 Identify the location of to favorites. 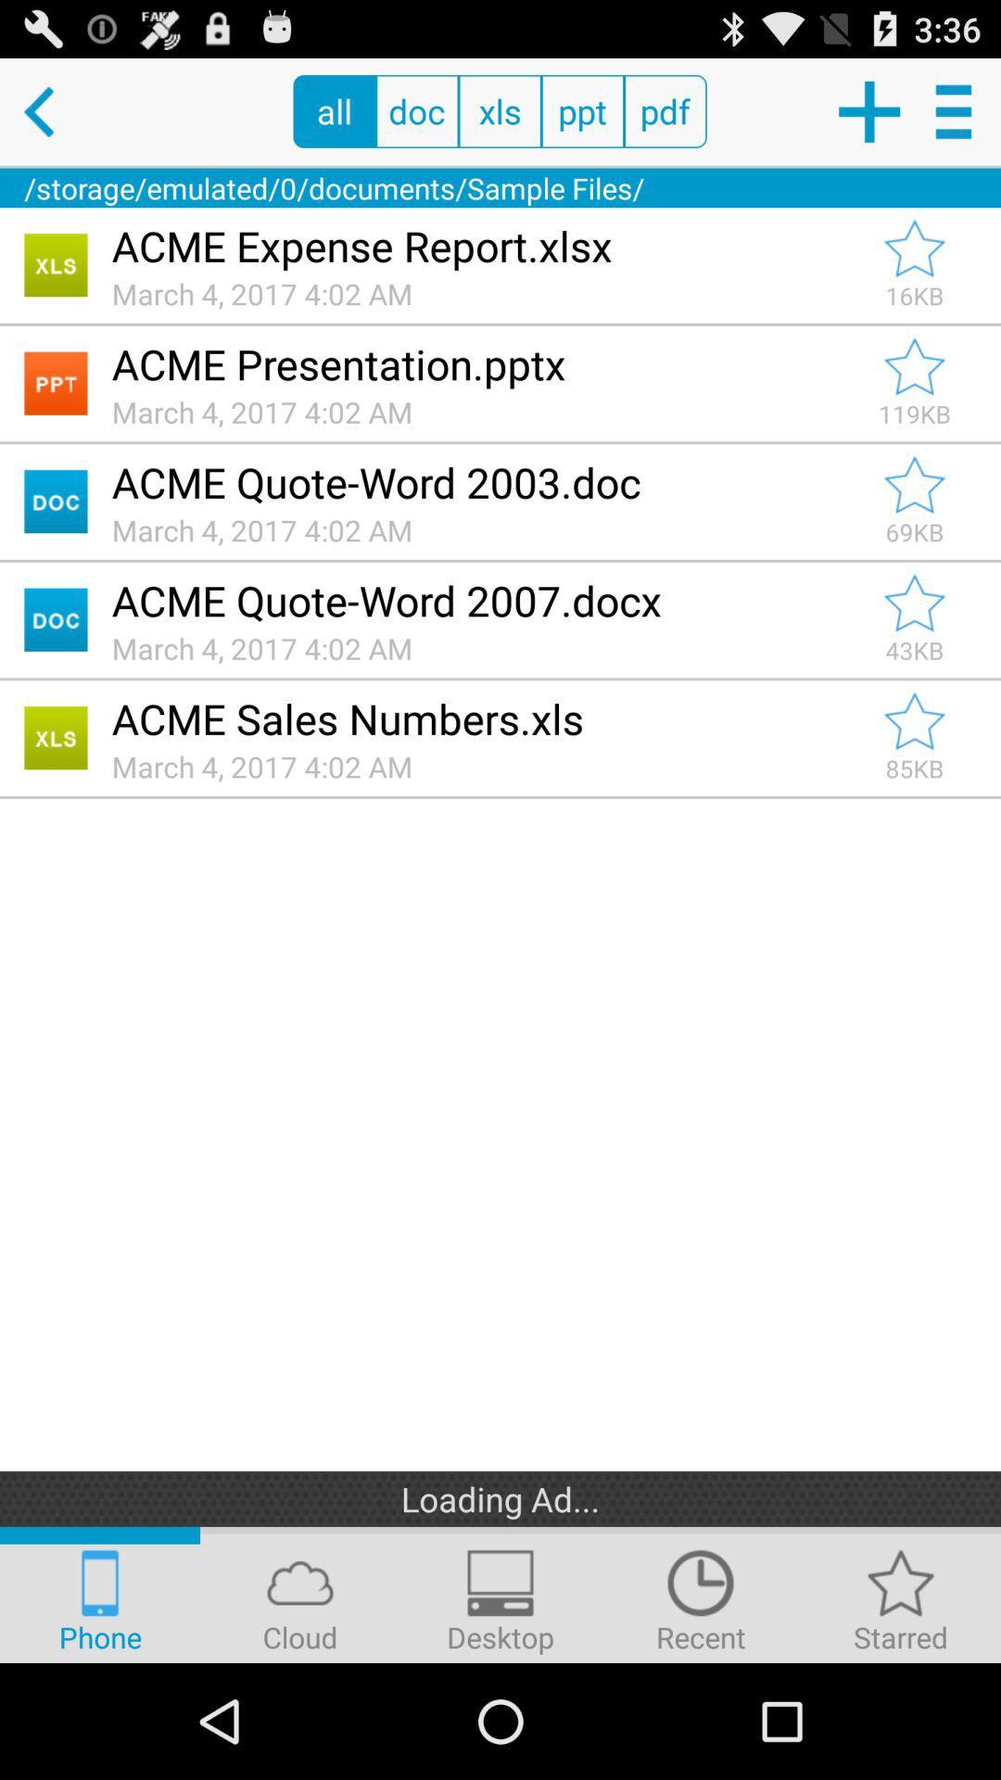
(914, 366).